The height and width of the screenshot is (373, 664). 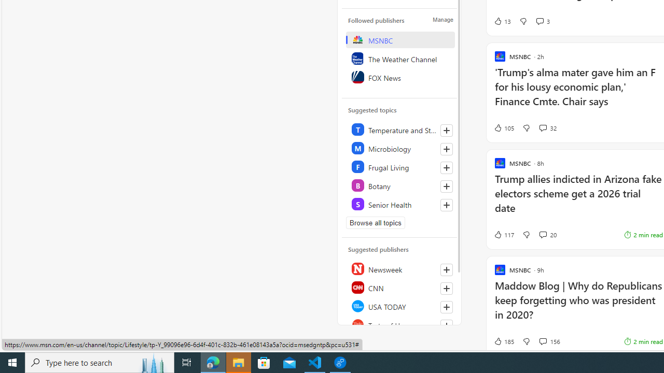 I want to click on 'Follow this source', so click(x=446, y=325).